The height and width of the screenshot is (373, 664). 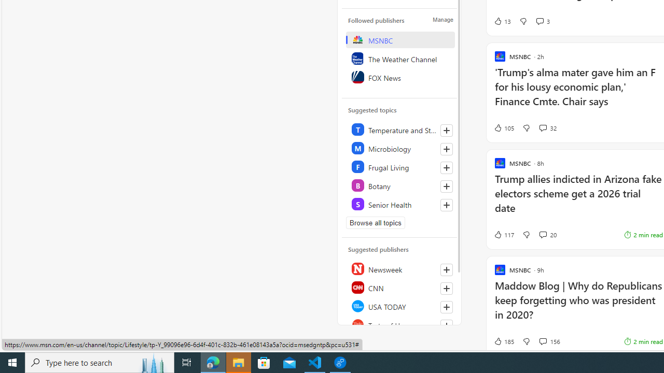 I want to click on 'Follow this source', so click(x=446, y=325).